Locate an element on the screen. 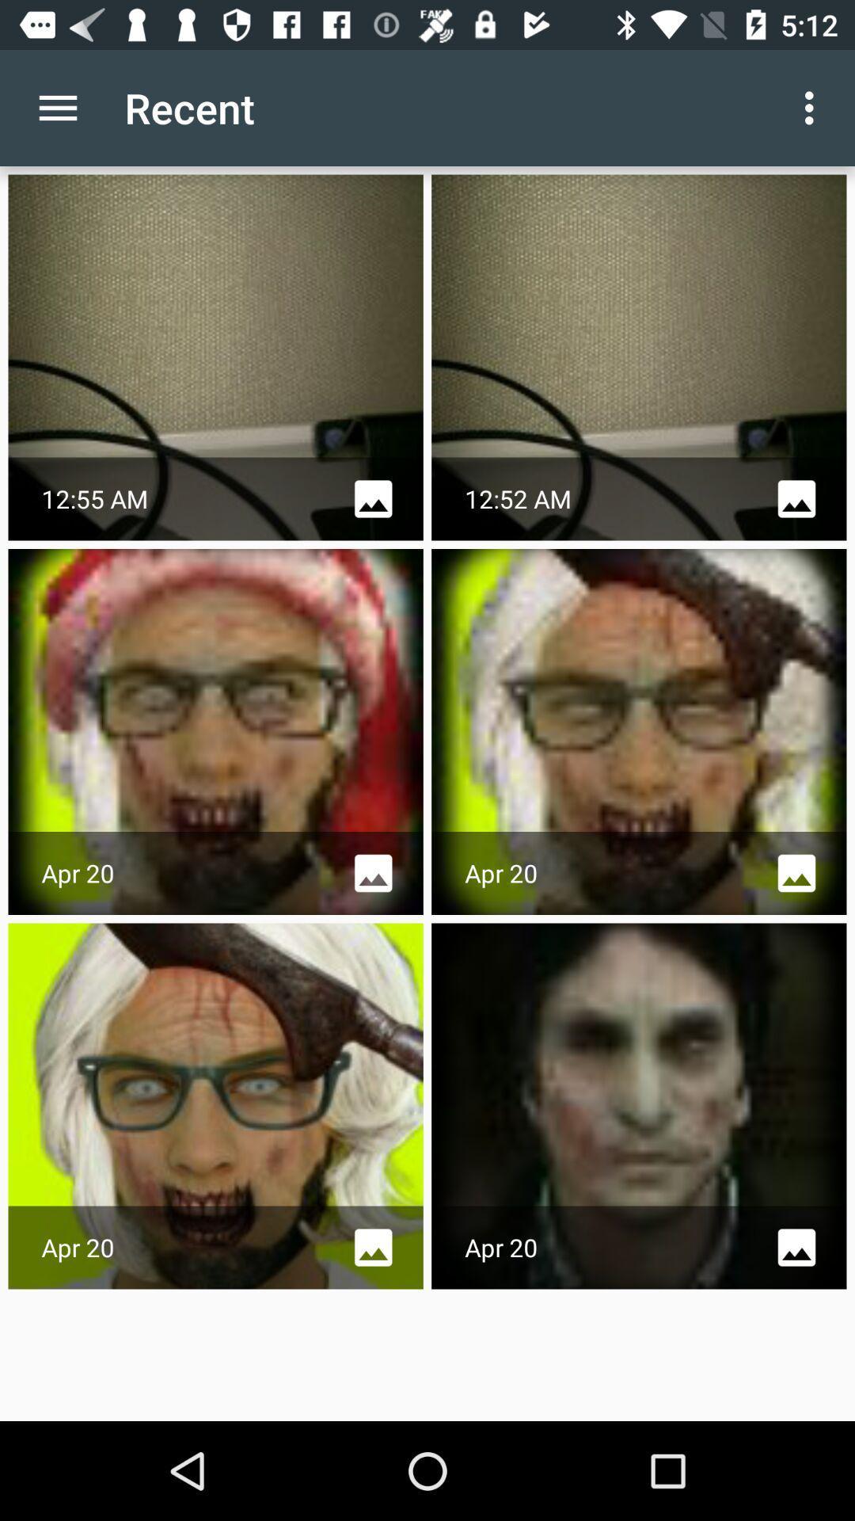 This screenshot has height=1521, width=855. the icon next to the recent is located at coordinates (57, 107).